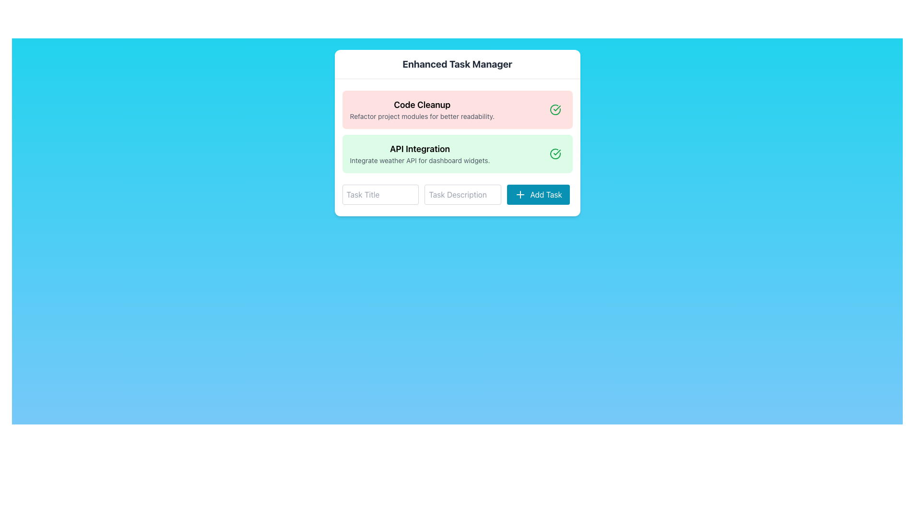 This screenshot has width=921, height=518. I want to click on the primary title Text Label located centrally within the task card, positioned below the 'Code Cleanup' card, so click(420, 149).